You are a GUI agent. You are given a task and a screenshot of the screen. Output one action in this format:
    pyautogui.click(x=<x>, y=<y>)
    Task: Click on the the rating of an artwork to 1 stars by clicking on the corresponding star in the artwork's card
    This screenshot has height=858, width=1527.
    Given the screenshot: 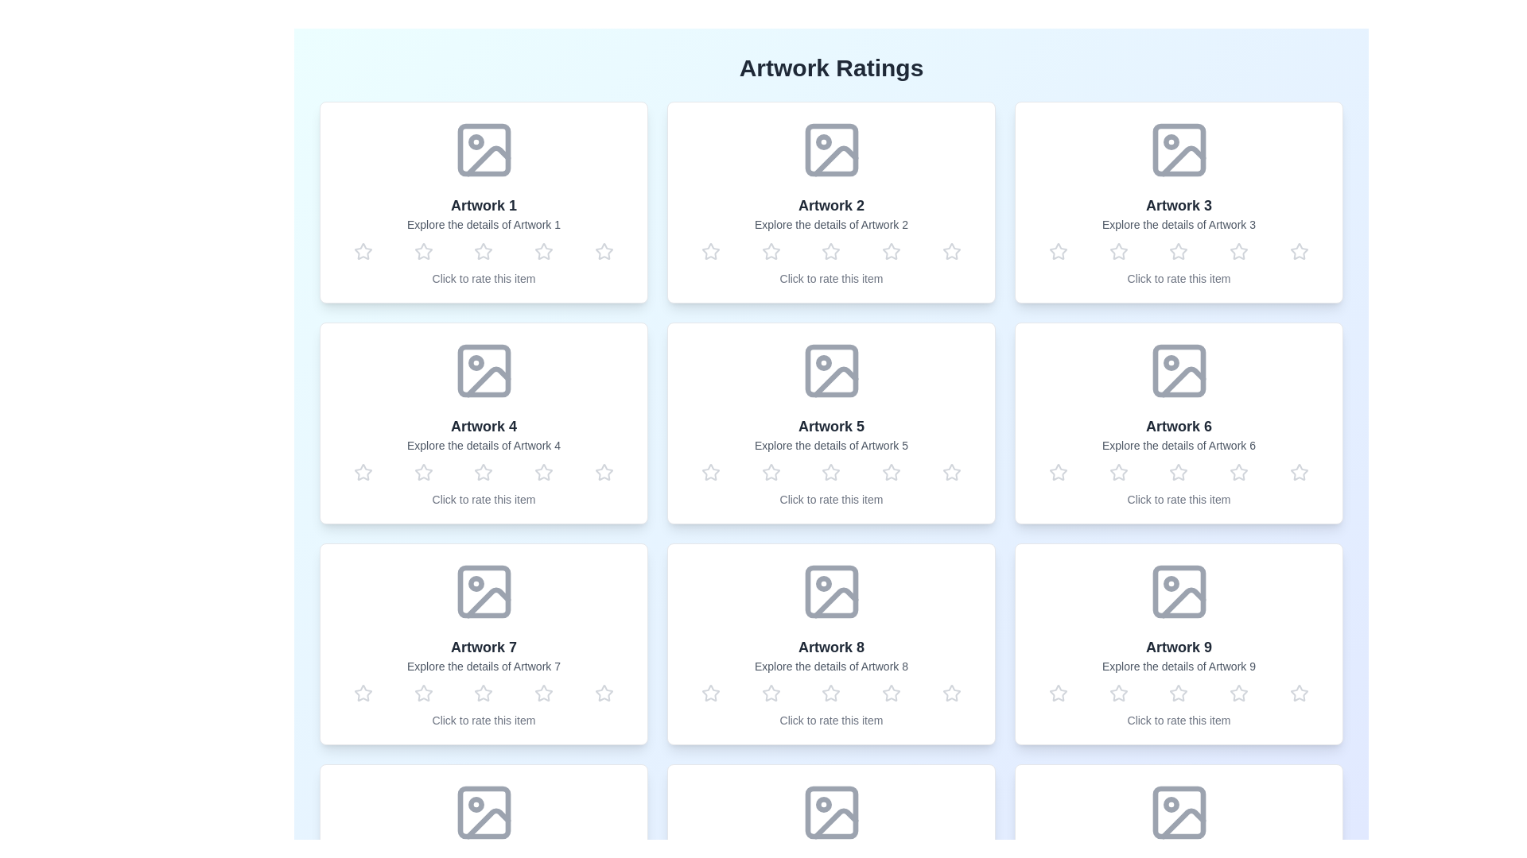 What is the action you would take?
    pyautogui.click(x=362, y=250)
    